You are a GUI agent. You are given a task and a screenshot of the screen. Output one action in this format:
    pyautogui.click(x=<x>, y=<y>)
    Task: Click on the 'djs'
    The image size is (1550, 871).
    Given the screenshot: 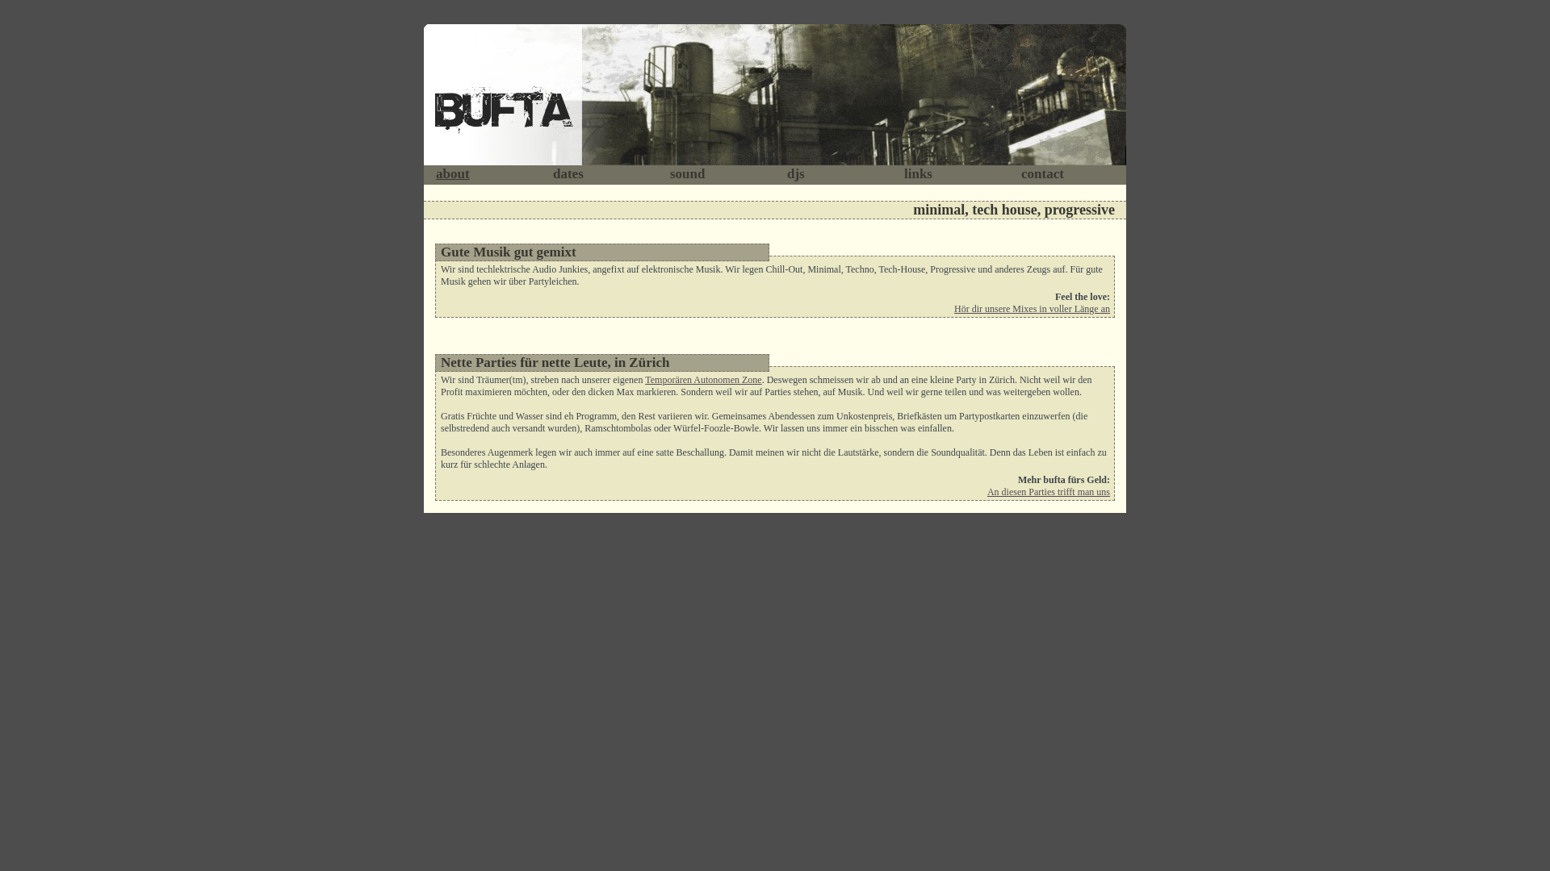 What is the action you would take?
    pyautogui.click(x=795, y=173)
    